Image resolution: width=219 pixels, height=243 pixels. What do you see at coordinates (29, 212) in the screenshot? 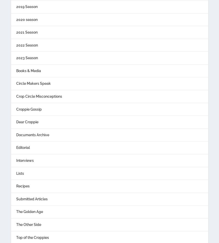
I see `'The Golden Age'` at bounding box center [29, 212].